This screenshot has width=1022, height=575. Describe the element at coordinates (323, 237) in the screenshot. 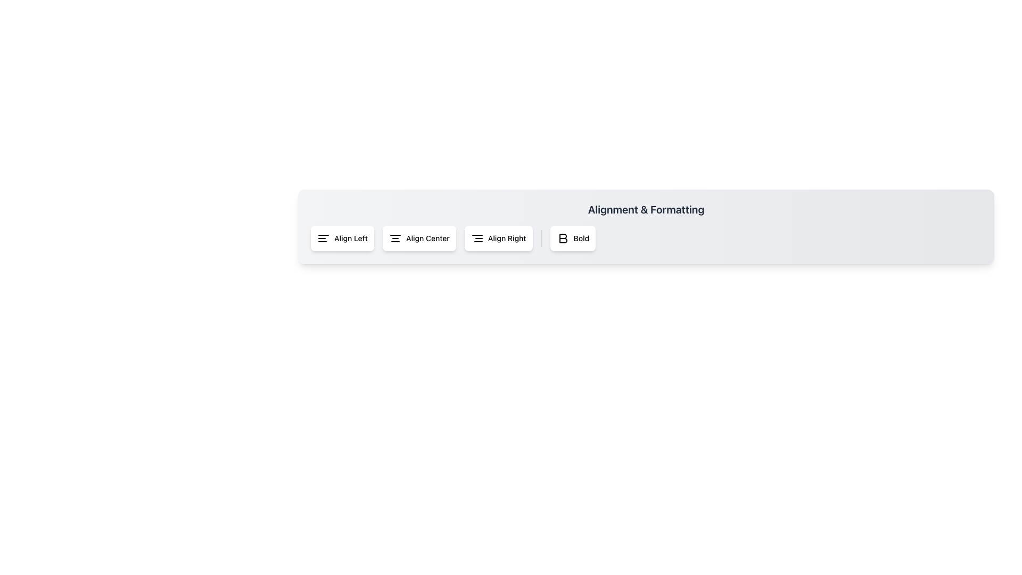

I see `the 'Align Left' SVG Icon button located in the upper-left corner of the card` at that location.